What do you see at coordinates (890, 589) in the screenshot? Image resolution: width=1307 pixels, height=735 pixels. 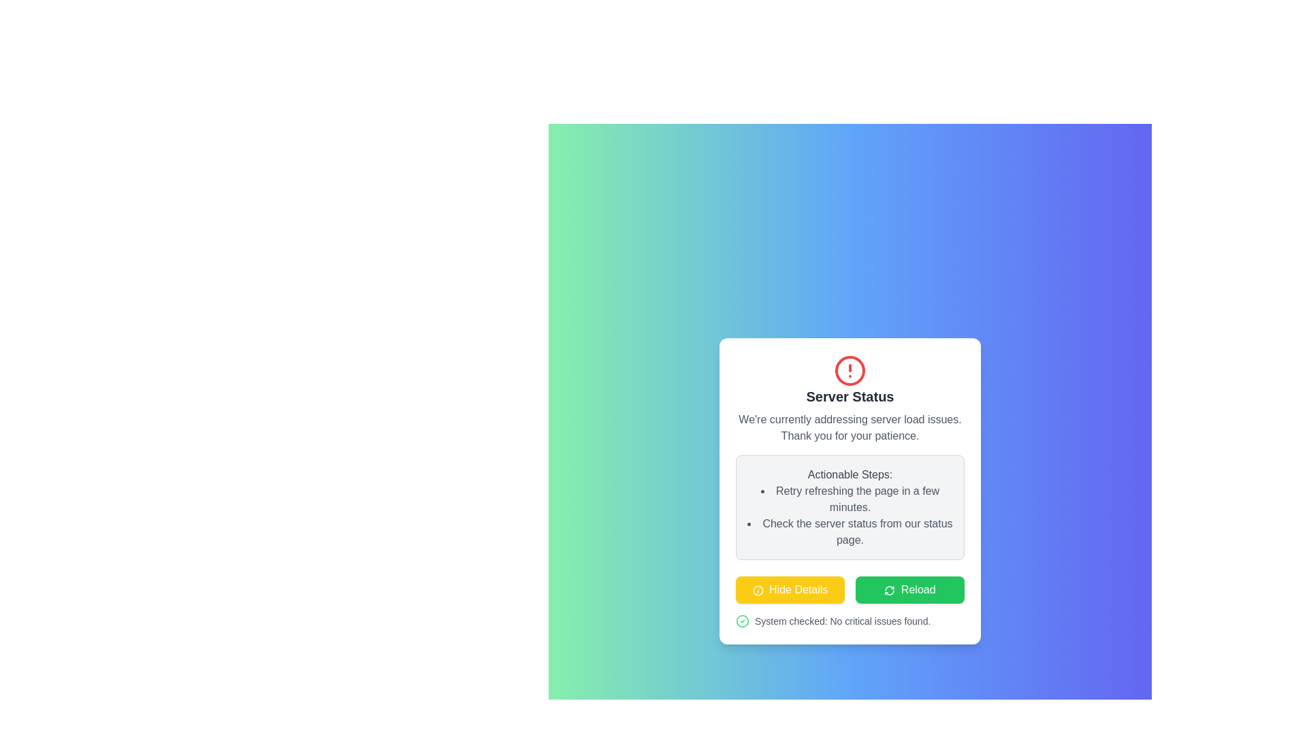 I see `the reload icon located inside the 'Reload' button at the bottom-right corner of the dialog box` at bounding box center [890, 589].